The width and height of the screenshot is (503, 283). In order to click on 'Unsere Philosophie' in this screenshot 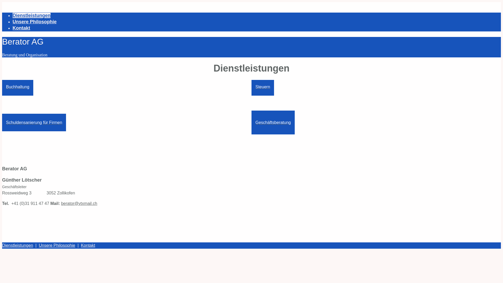, I will do `click(57, 245)`.